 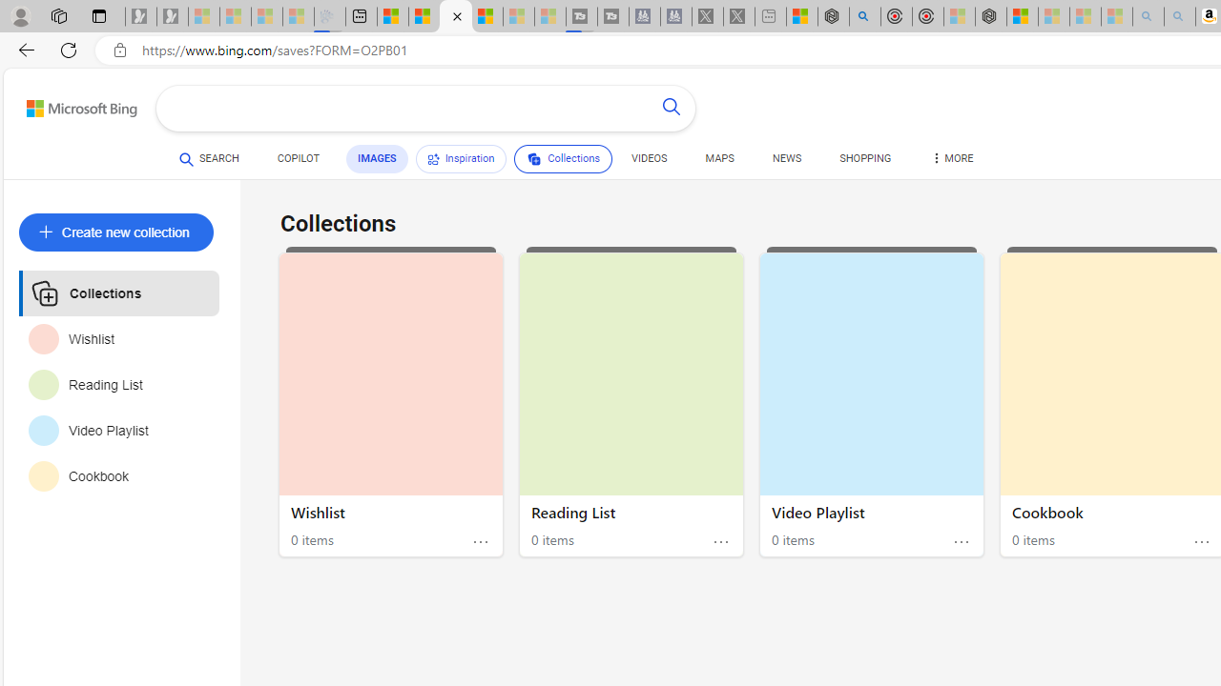 What do you see at coordinates (864, 160) in the screenshot?
I see `'SHOPPING'` at bounding box center [864, 160].